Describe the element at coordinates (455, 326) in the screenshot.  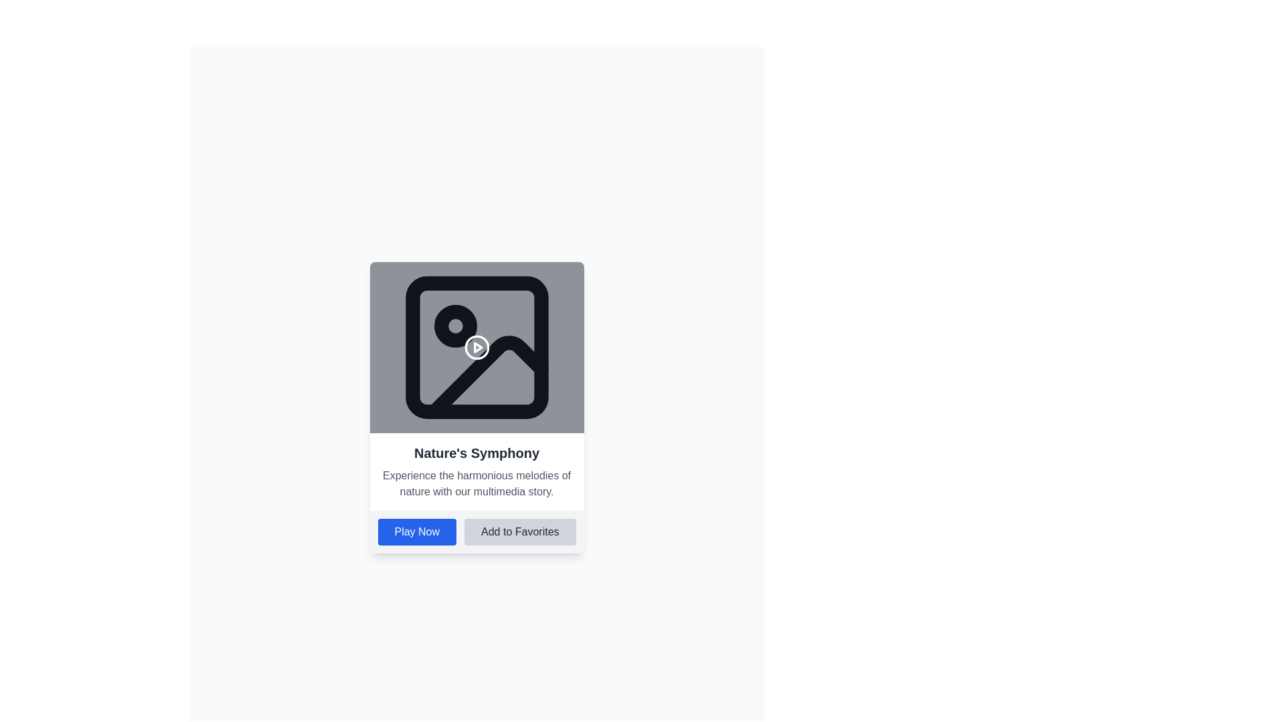
I see `the small circular shape that is positioned inside a larger grayscale icon resembling a picture frame, located at the upper section of a multimedia card` at that location.